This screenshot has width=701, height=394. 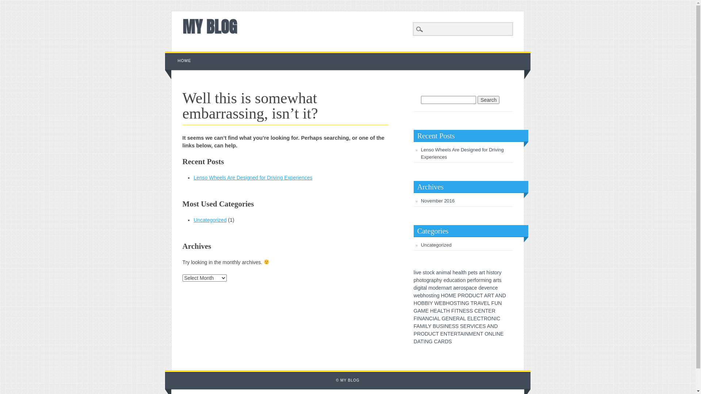 What do you see at coordinates (463, 303) in the screenshot?
I see `'N'` at bounding box center [463, 303].